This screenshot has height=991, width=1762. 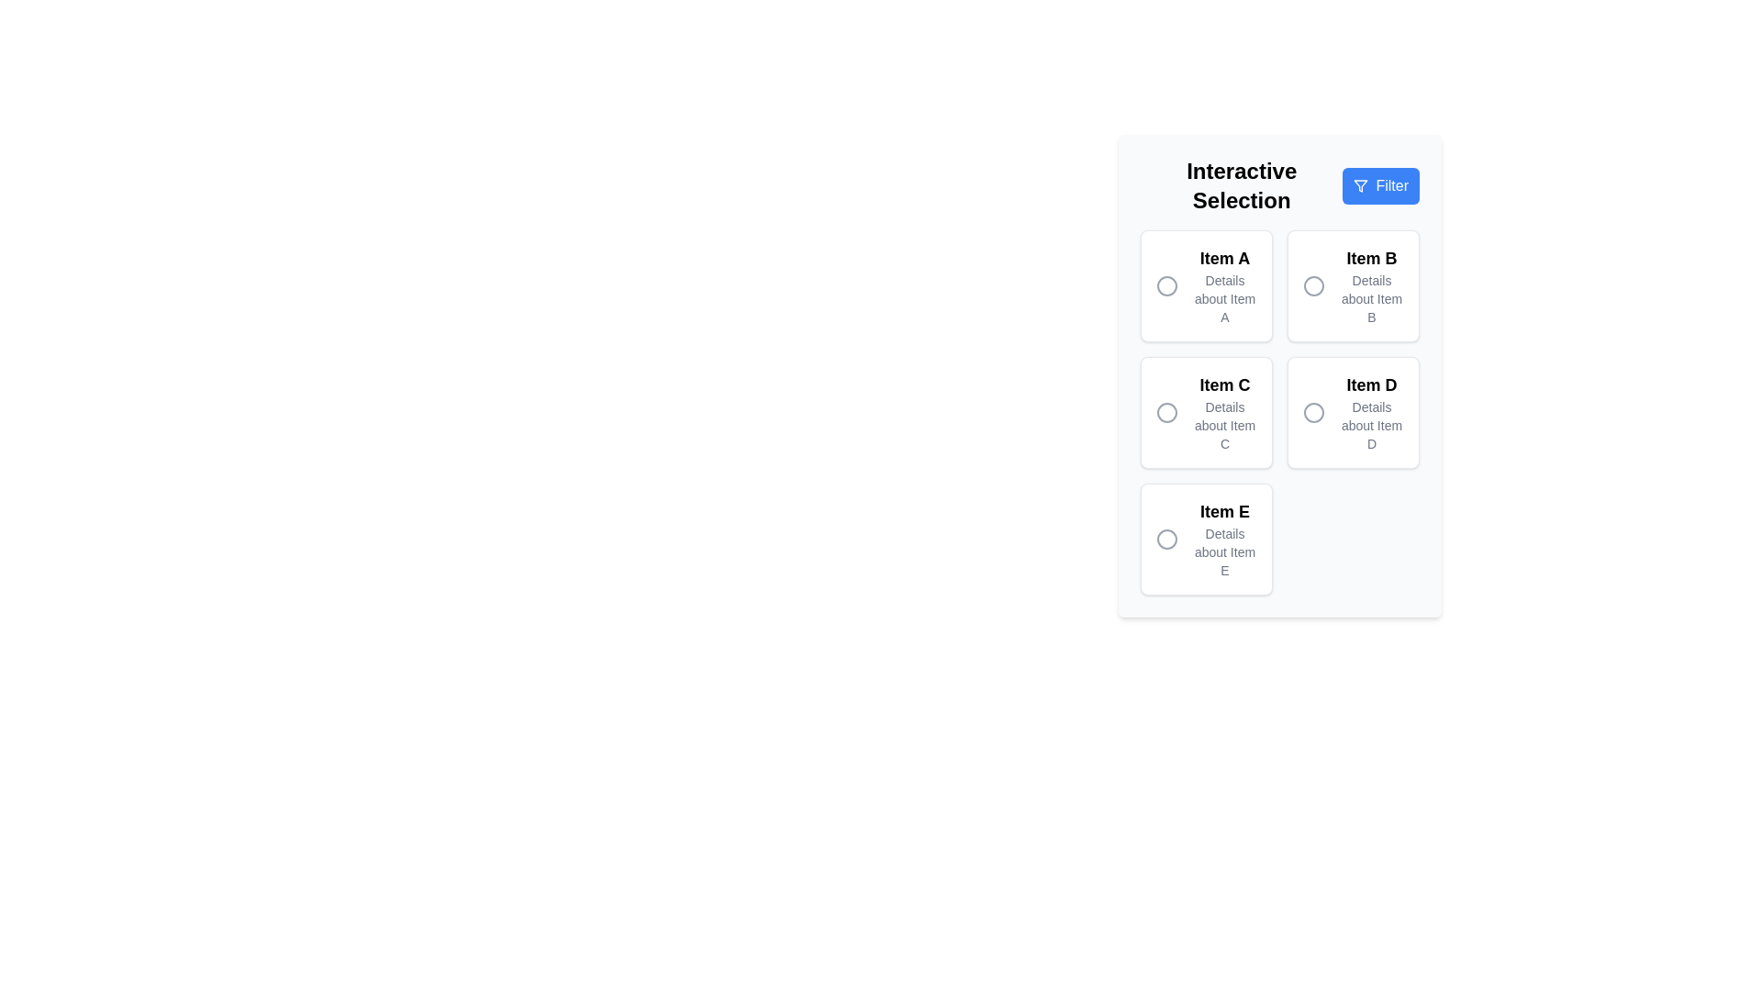 I want to click on the gray circular radio button located within the 'Item E' card, so click(x=1166, y=538).